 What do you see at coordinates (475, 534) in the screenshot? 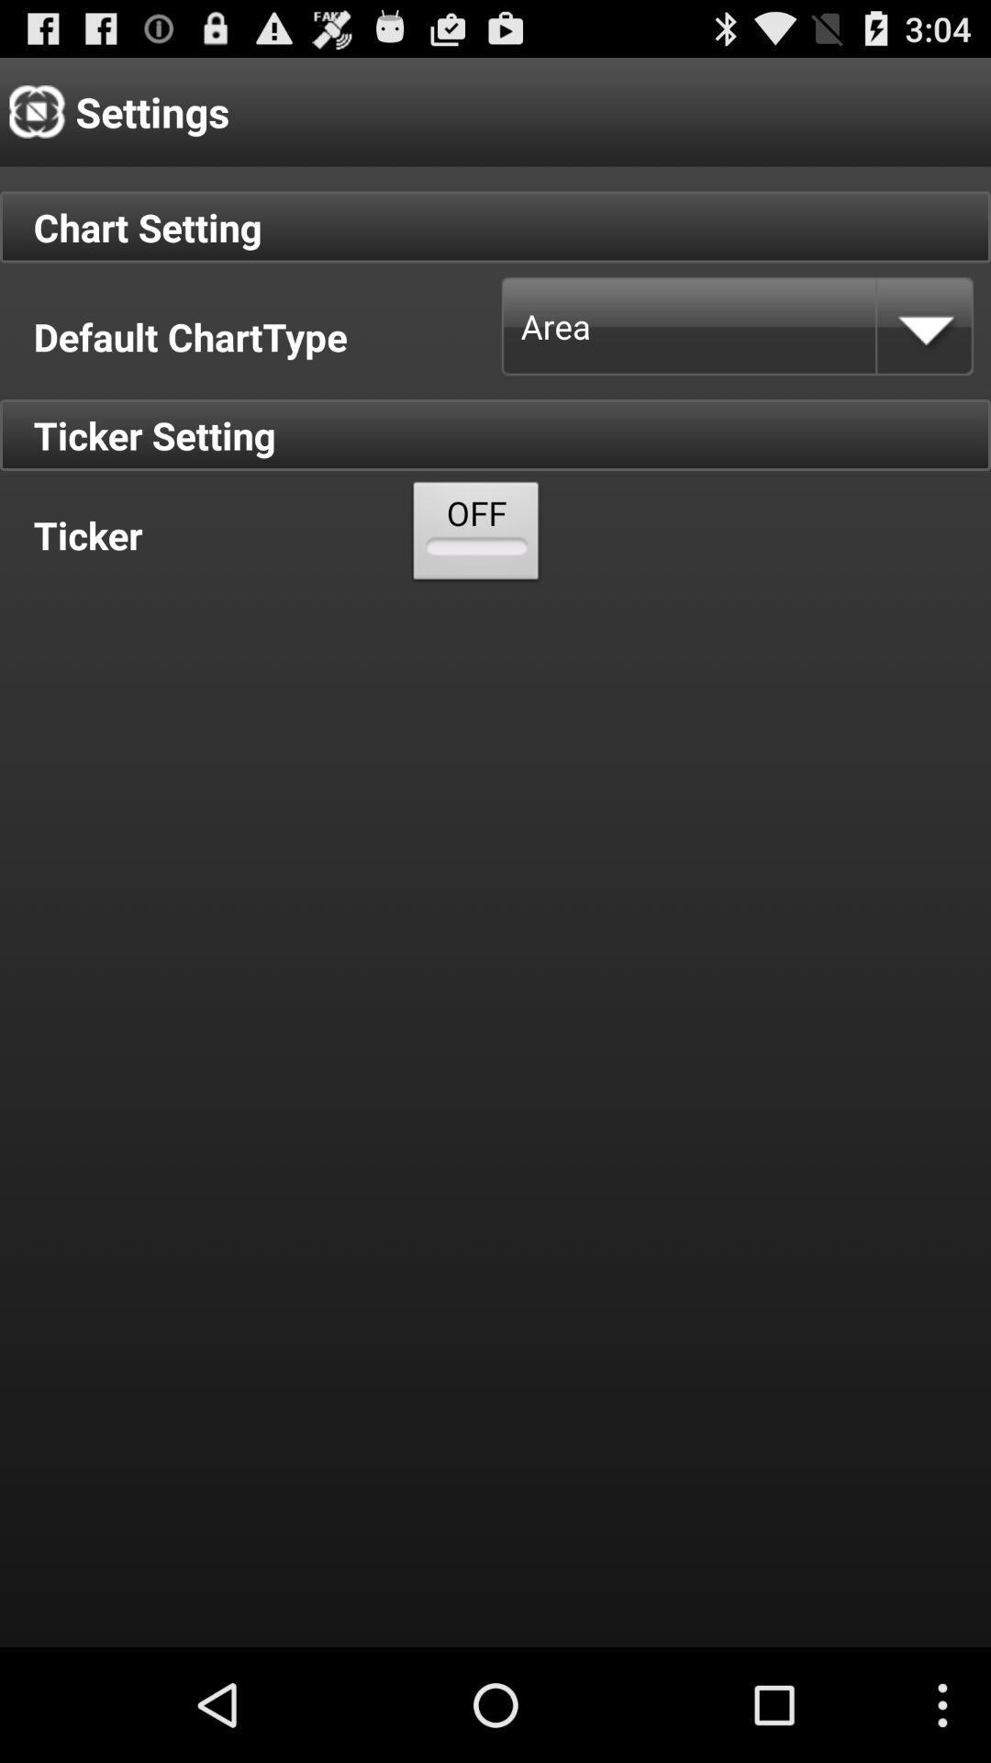
I see `the item next to ticker icon` at bounding box center [475, 534].